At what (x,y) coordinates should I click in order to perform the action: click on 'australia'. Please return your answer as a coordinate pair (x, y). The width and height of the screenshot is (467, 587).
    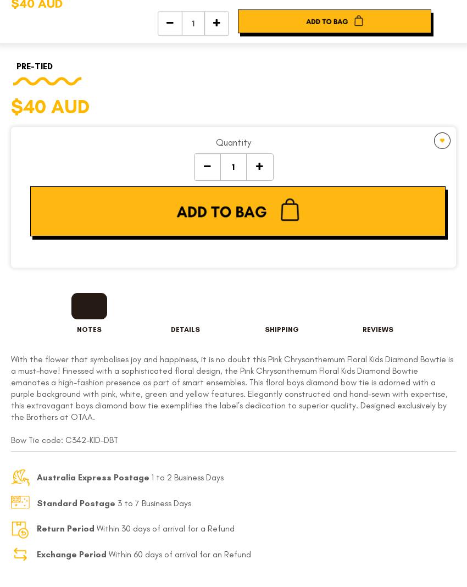
    Looking at the image, I should click on (292, 253).